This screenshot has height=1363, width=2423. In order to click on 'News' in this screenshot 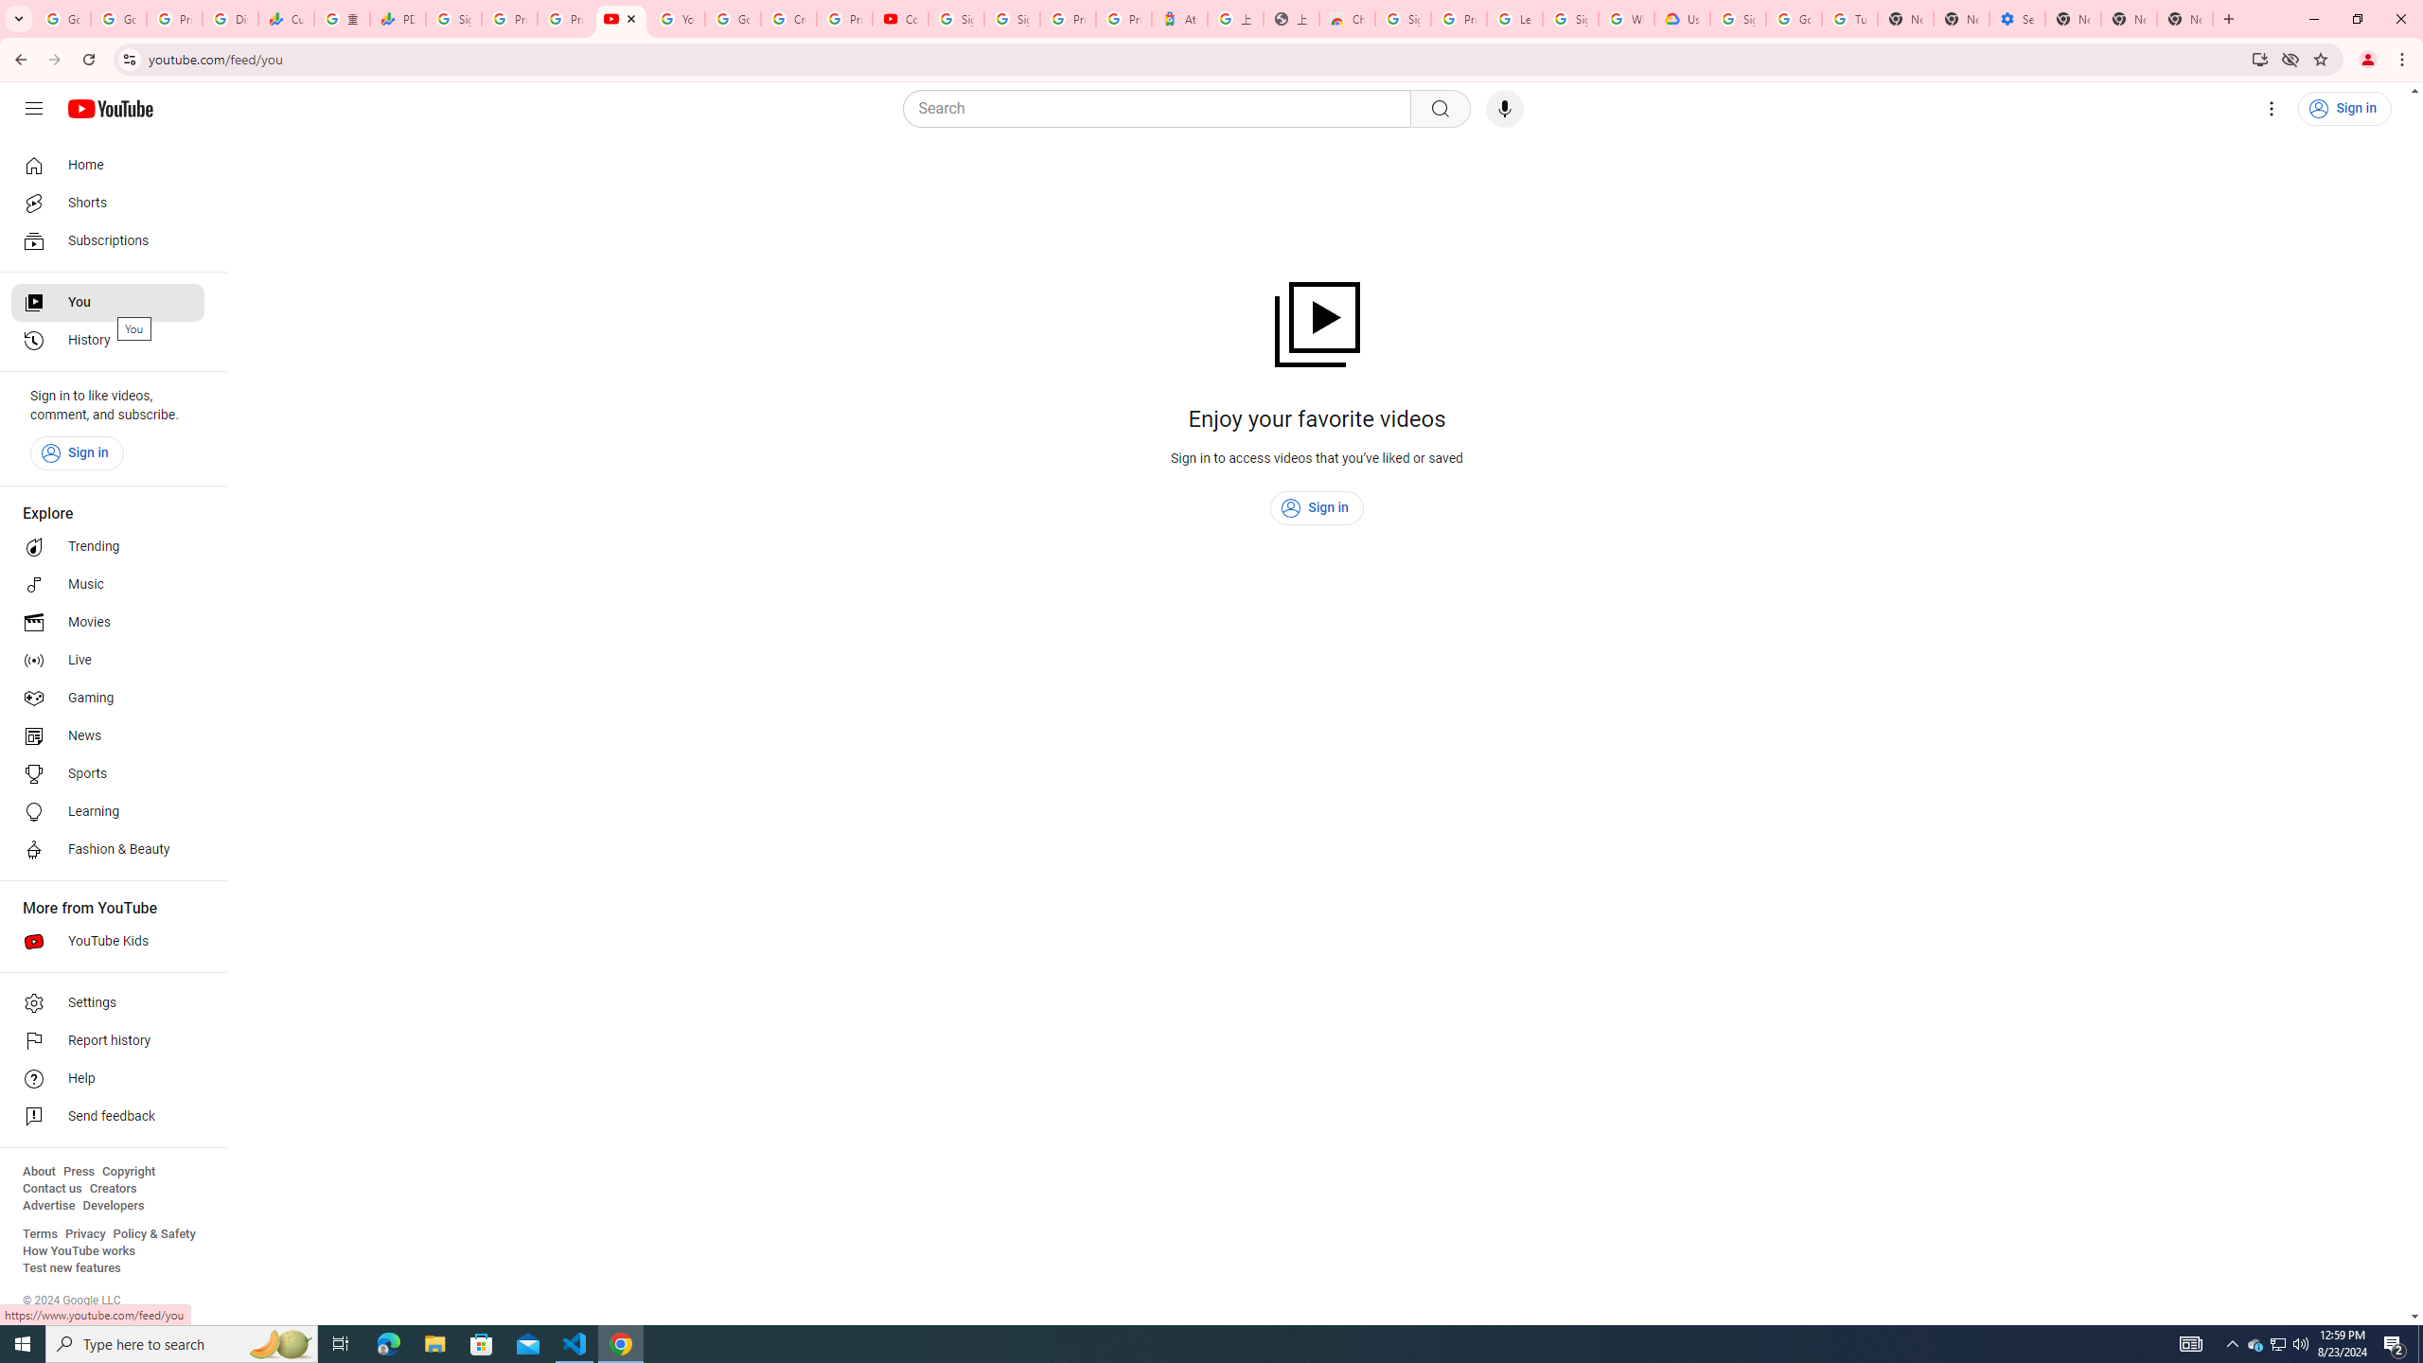, I will do `click(107, 735)`.